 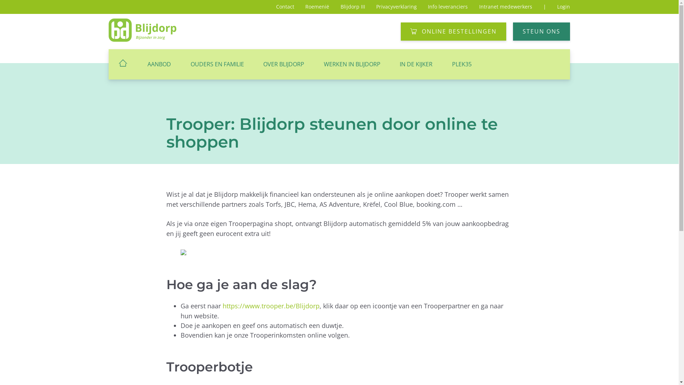 What do you see at coordinates (376, 6) in the screenshot?
I see `'Privacyverklaring'` at bounding box center [376, 6].